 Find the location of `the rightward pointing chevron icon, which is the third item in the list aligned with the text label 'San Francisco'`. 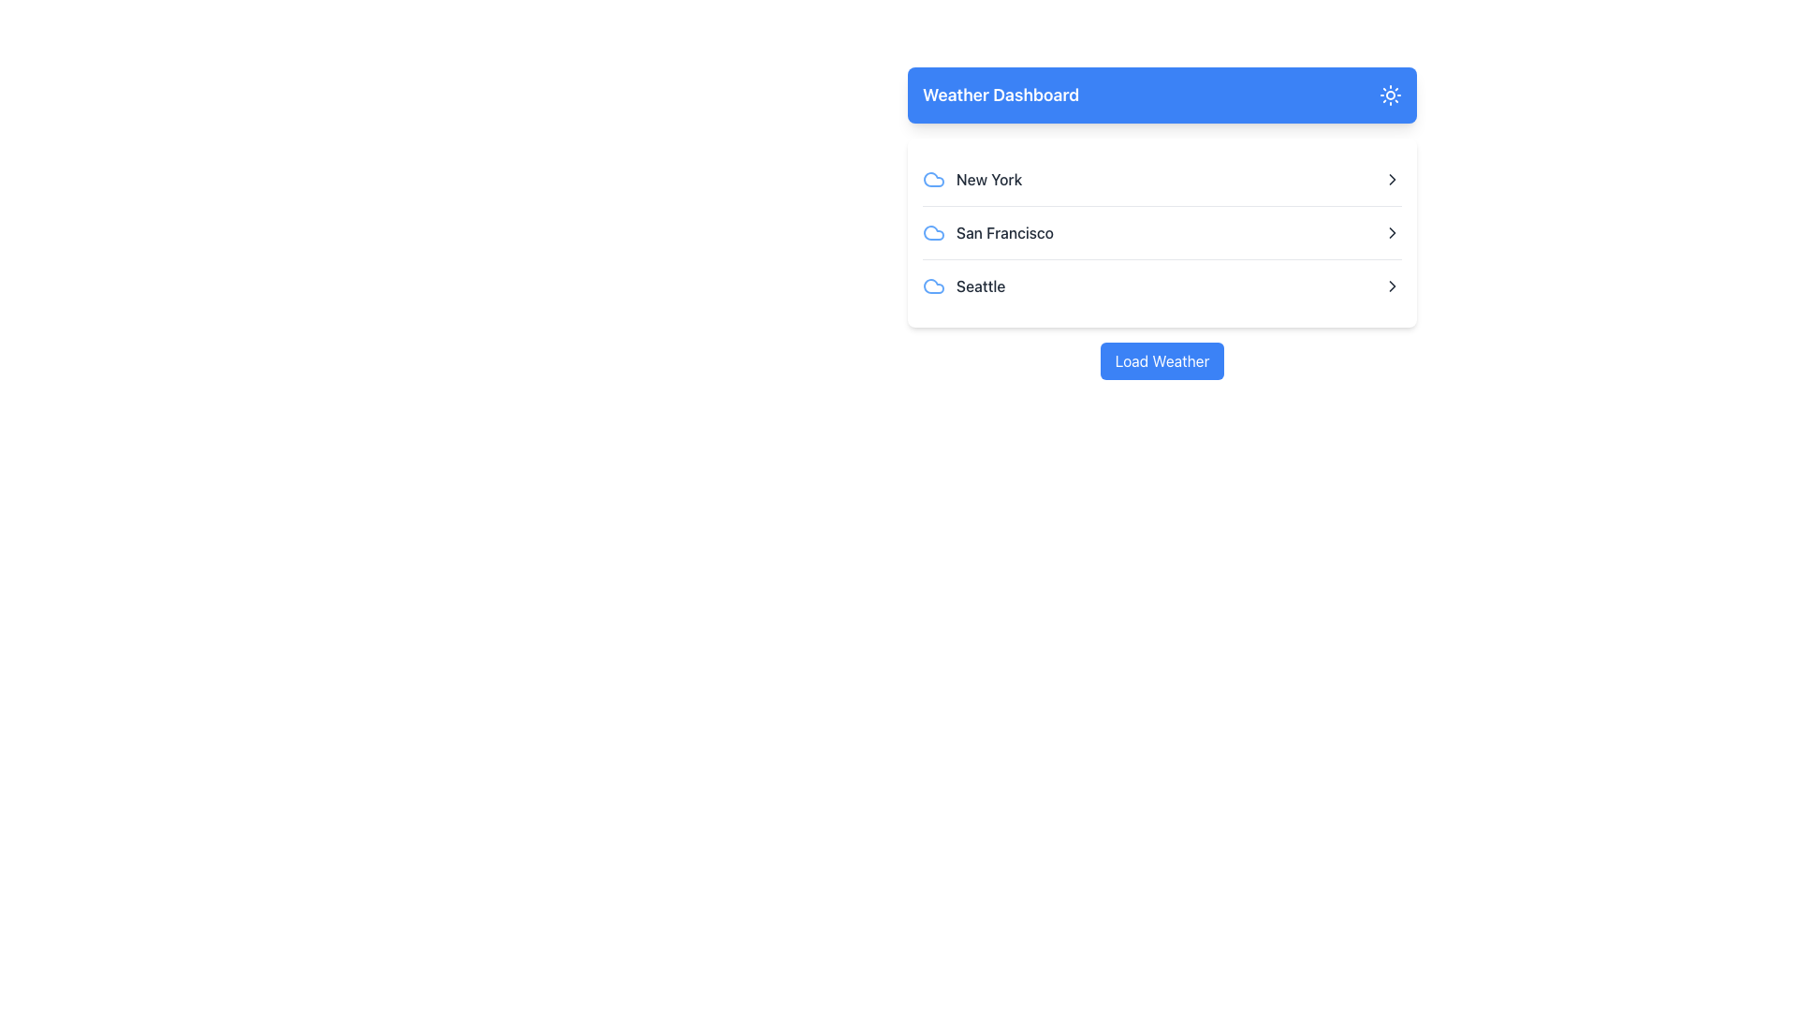

the rightward pointing chevron icon, which is the third item in the list aligned with the text label 'San Francisco' is located at coordinates (1393, 232).